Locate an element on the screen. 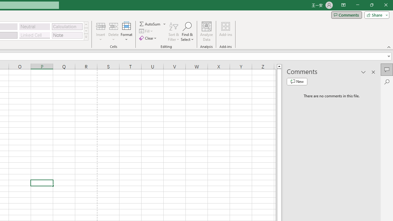 This screenshot has height=221, width=393. 'AutoSum' is located at coordinates (153, 24).